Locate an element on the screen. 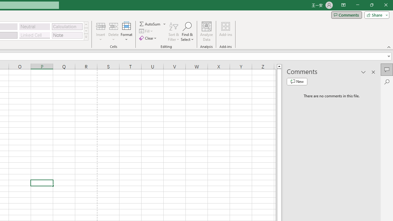 This screenshot has height=221, width=393. 'AutoSum' is located at coordinates (153, 24).